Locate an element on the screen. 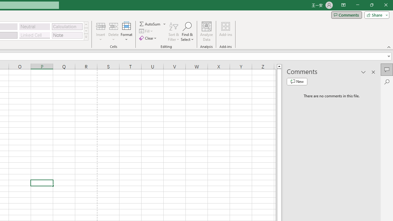 This screenshot has height=221, width=393. 'AutoSum' is located at coordinates (153, 24).